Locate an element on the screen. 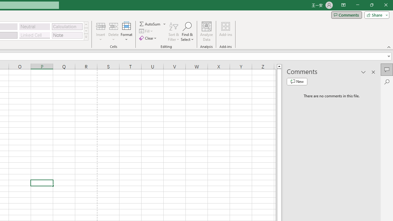 This screenshot has height=221, width=393. 'AutoSum' is located at coordinates (153, 24).